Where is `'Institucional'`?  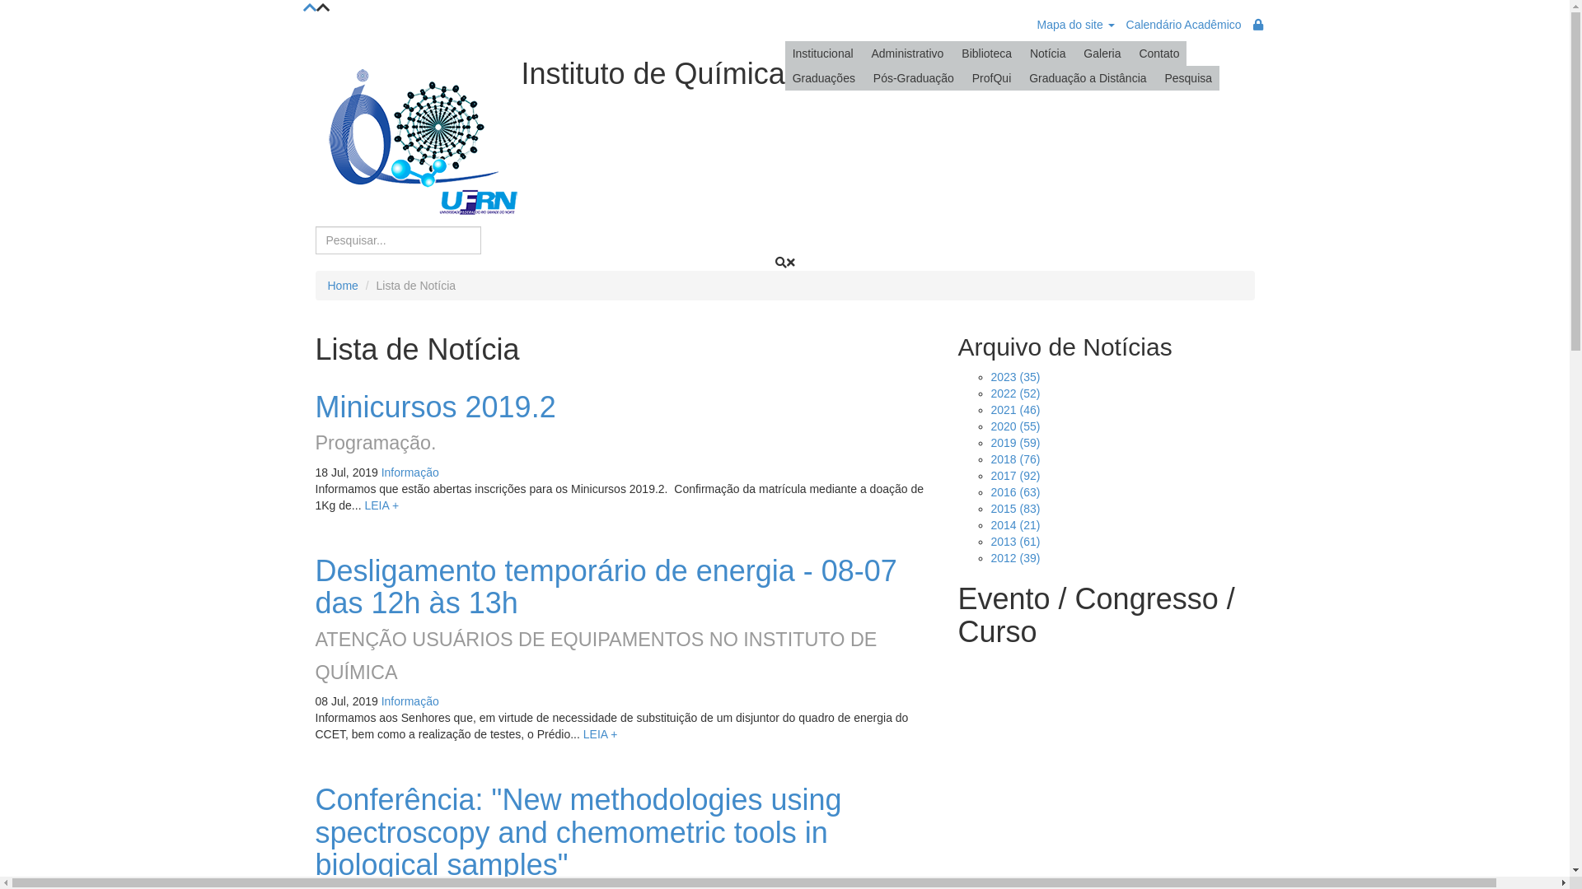
'Institucional' is located at coordinates (822, 53).